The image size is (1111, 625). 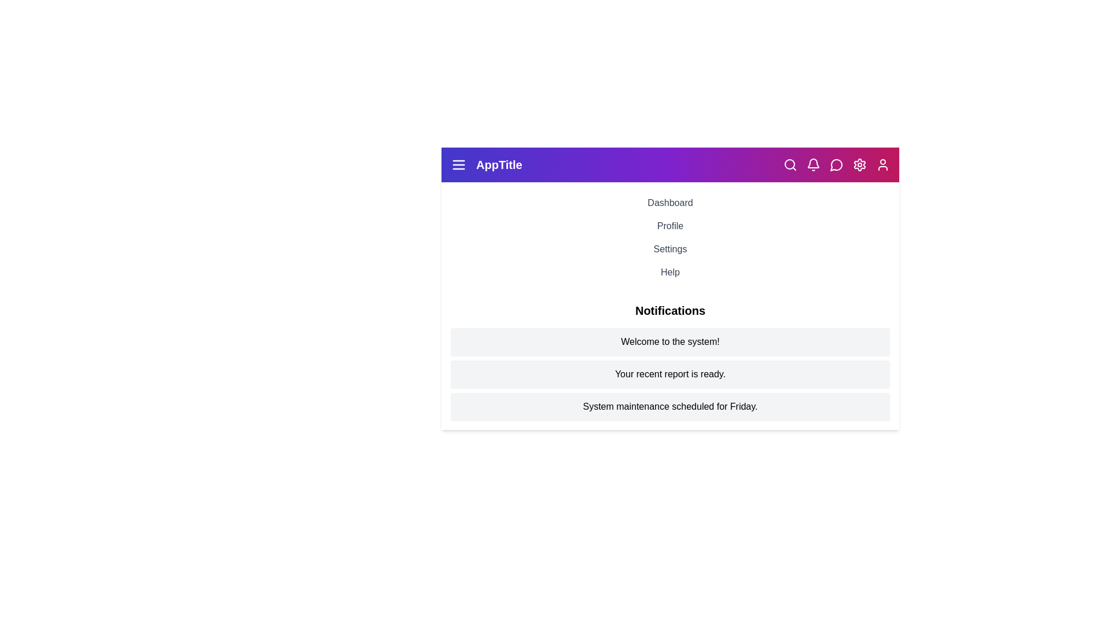 What do you see at coordinates (670, 203) in the screenshot?
I see `the navigation link Dashboard in the menu` at bounding box center [670, 203].